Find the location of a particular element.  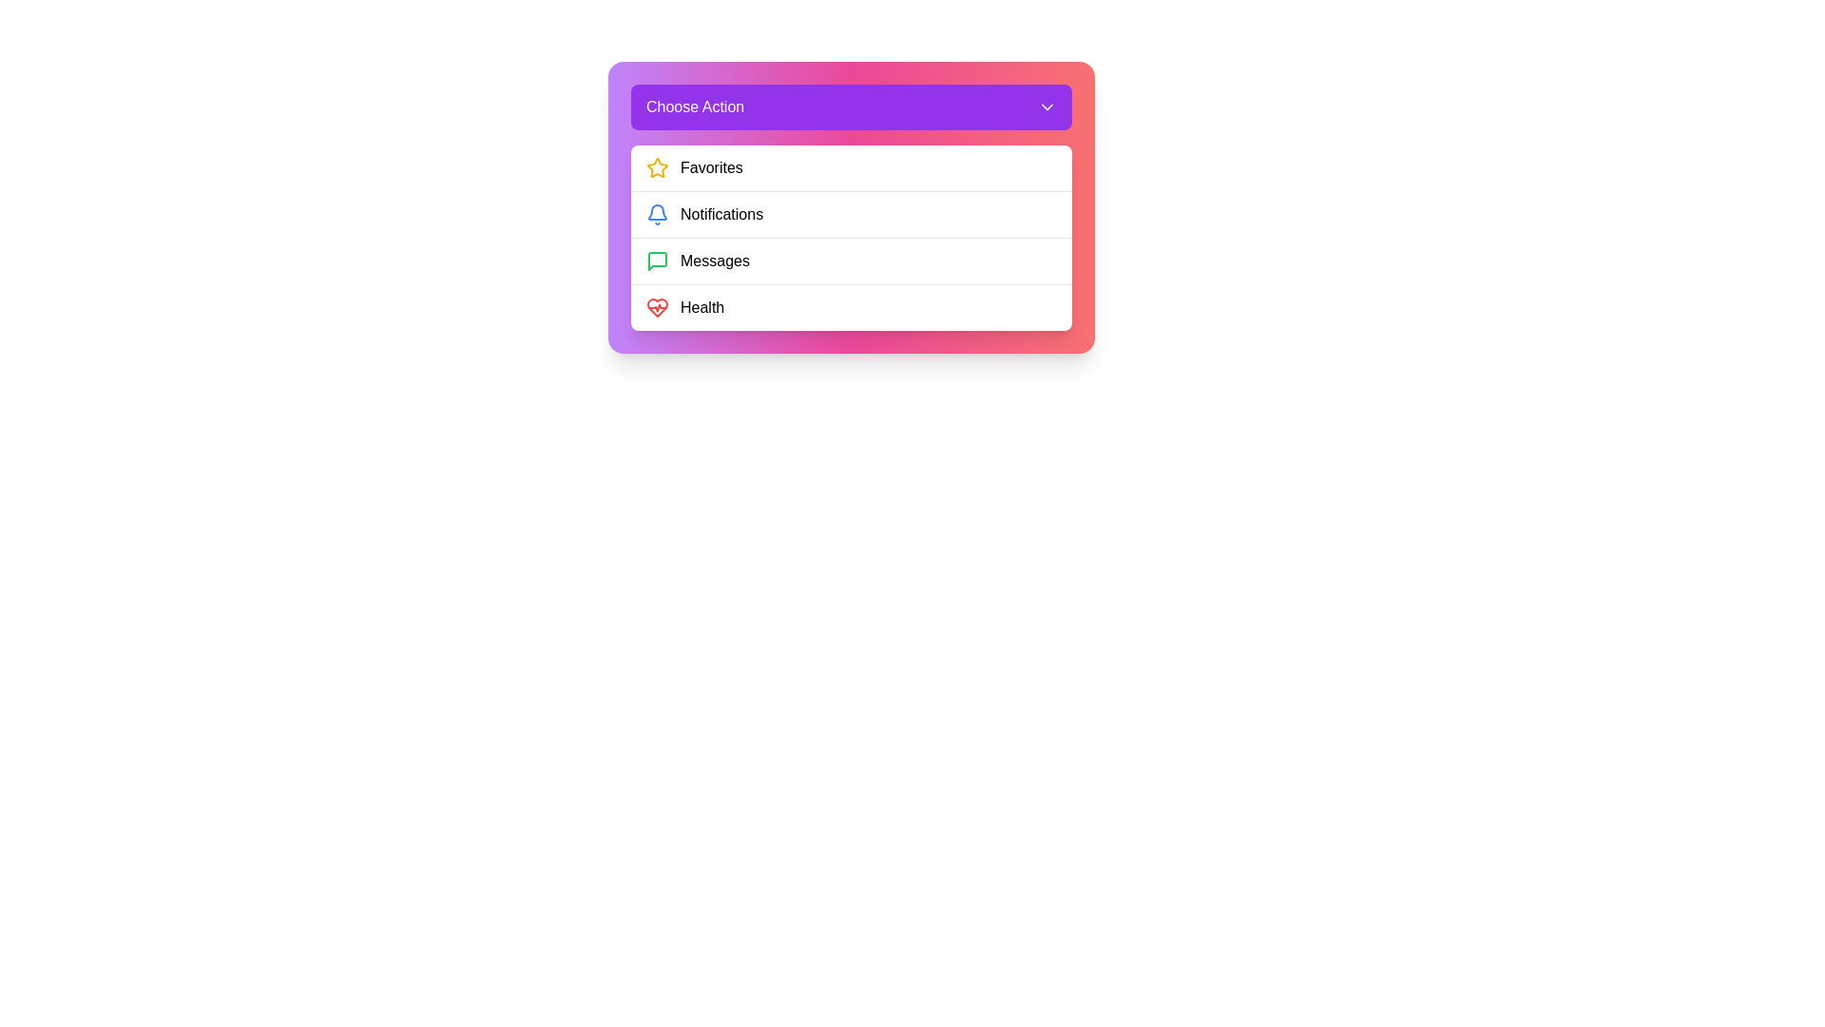

the star-shaped icon with a yellow fill located to the left of the text 'Favorites' in the action selection menu is located at coordinates (657, 167).